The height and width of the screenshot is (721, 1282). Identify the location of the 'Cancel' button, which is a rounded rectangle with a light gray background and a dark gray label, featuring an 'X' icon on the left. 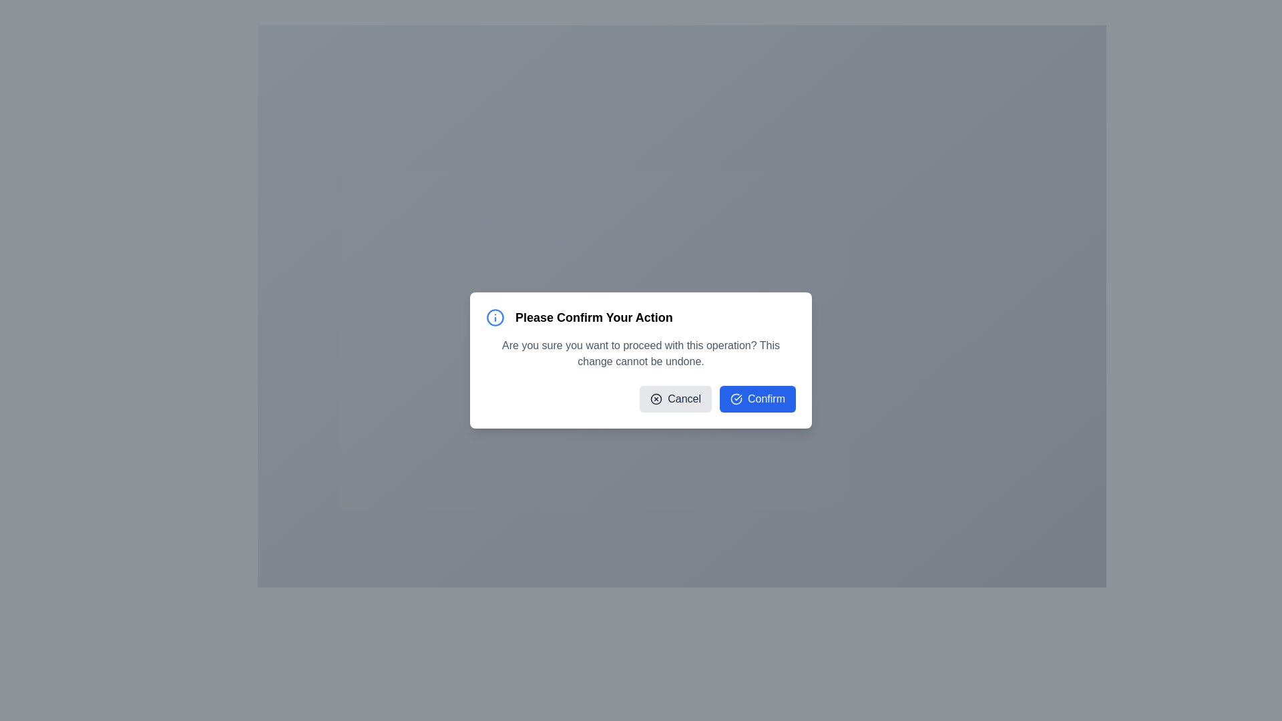
(676, 398).